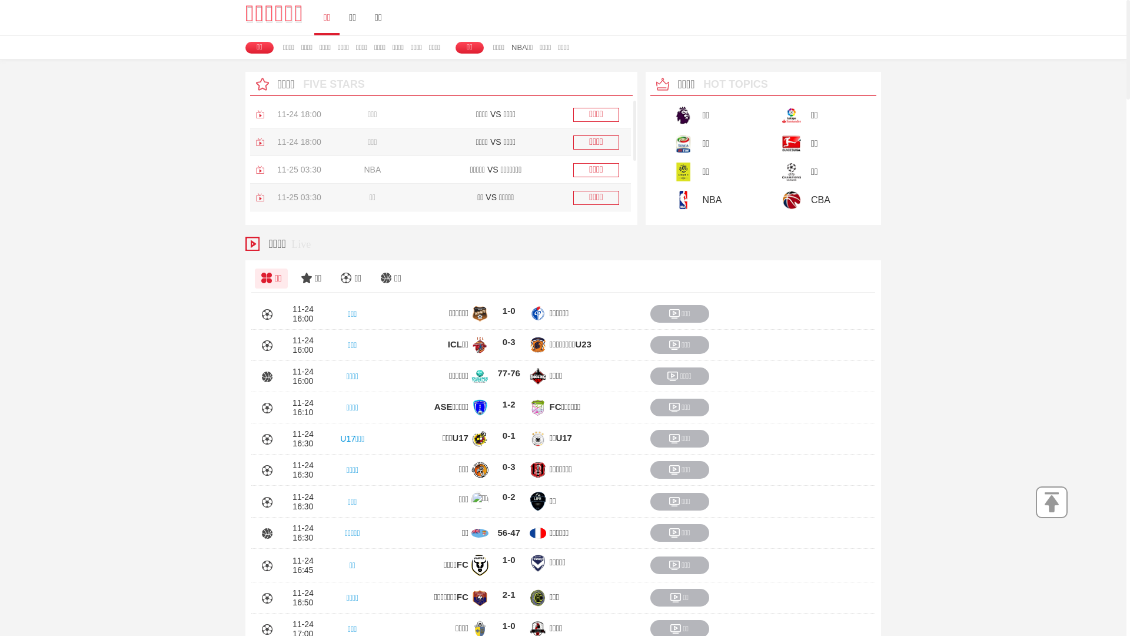 The image size is (1130, 636). What do you see at coordinates (759, 199) in the screenshot?
I see `'CBA'` at bounding box center [759, 199].